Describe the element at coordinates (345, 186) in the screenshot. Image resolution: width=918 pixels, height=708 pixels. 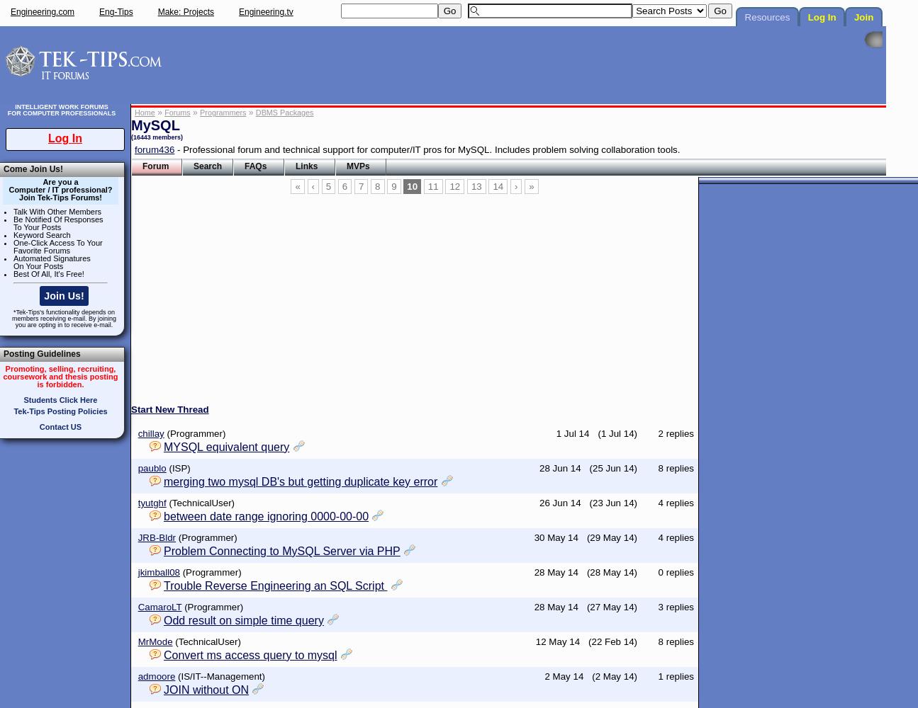
I see `'6'` at that location.